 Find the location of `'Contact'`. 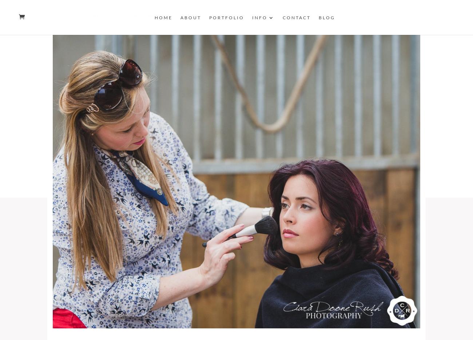

'Contact' is located at coordinates (297, 17).